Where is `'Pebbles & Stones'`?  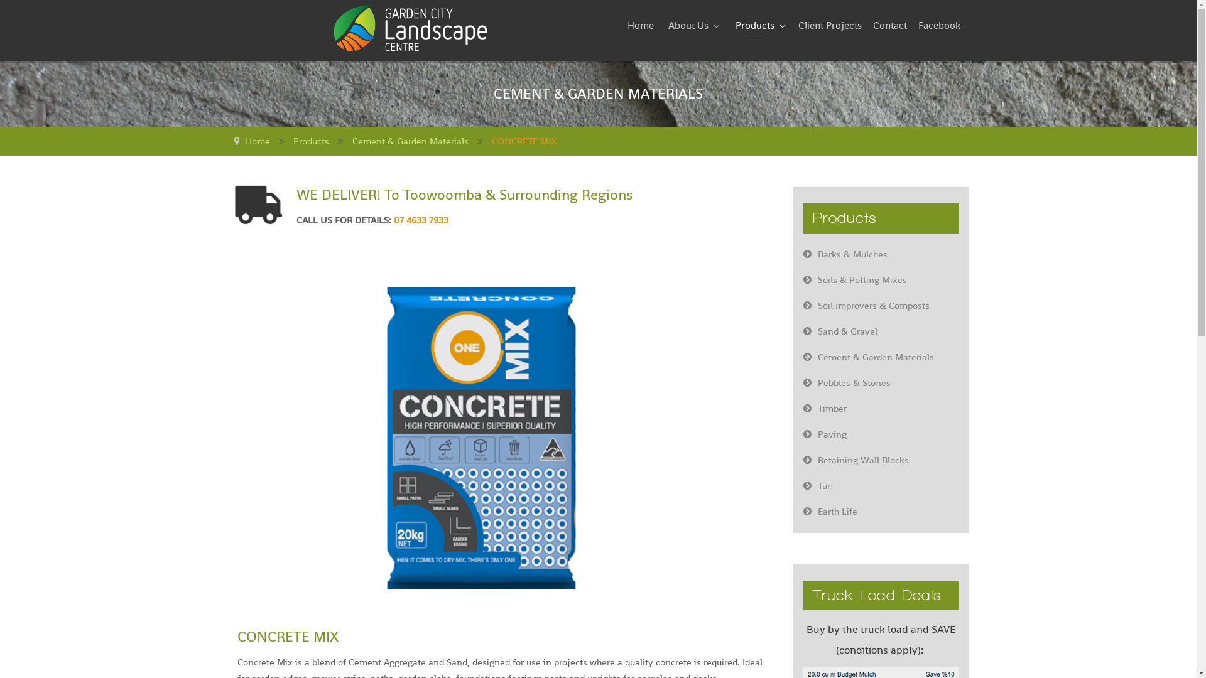
'Pebbles & Stones' is located at coordinates (880, 382).